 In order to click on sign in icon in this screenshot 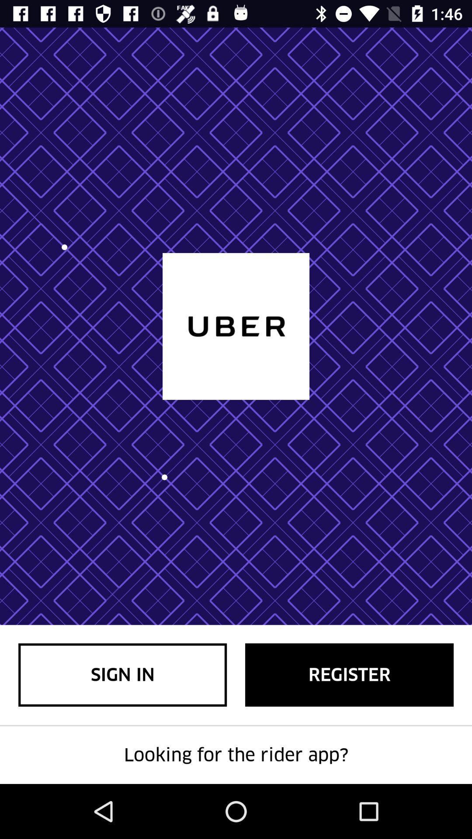, I will do `click(122, 674)`.